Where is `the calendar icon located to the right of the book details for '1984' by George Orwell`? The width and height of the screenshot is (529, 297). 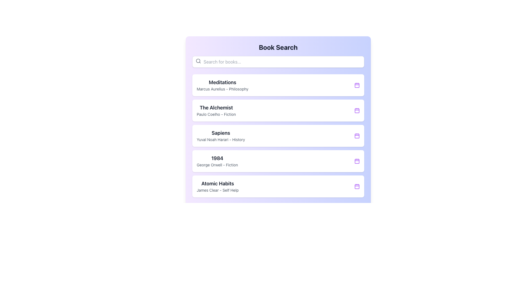
the calendar icon located to the right of the book details for '1984' by George Orwell is located at coordinates (357, 161).